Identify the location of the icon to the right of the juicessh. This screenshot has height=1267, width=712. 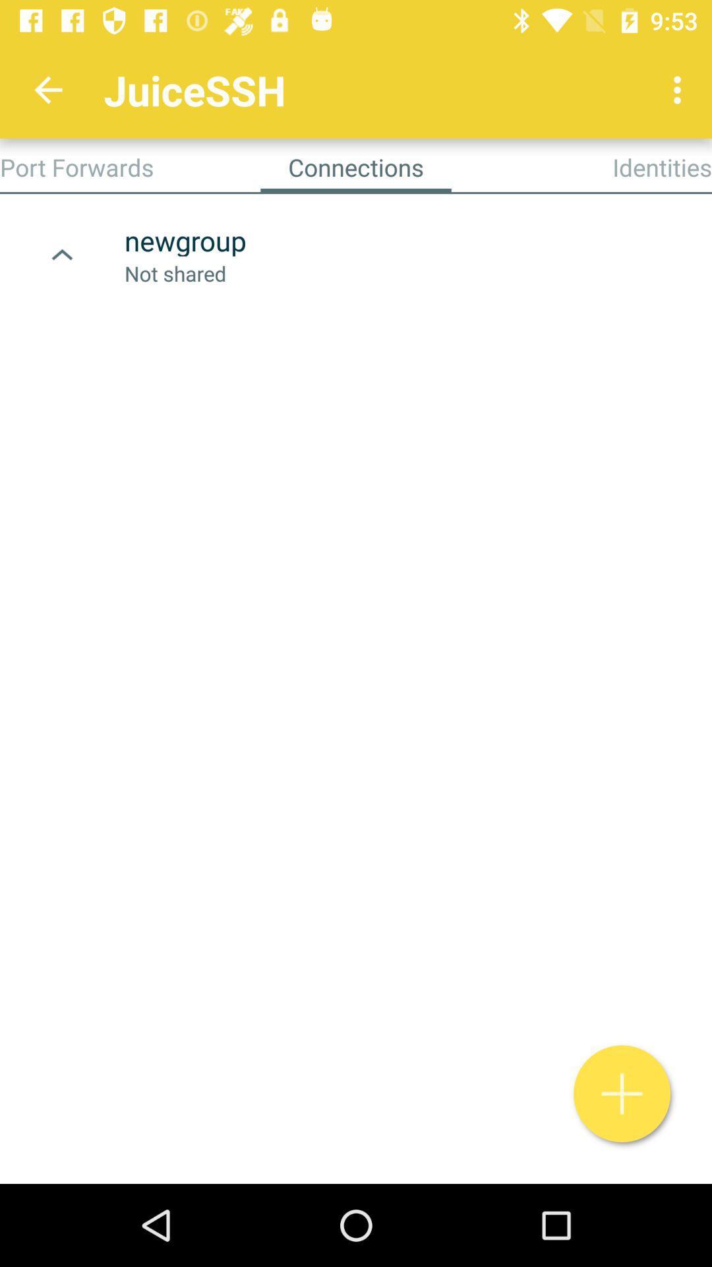
(680, 89).